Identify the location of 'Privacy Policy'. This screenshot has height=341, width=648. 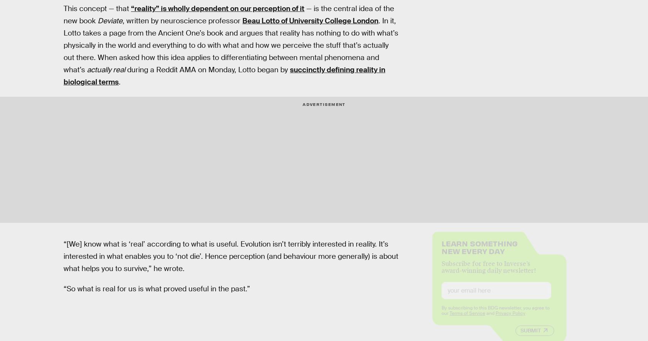
(509, 319).